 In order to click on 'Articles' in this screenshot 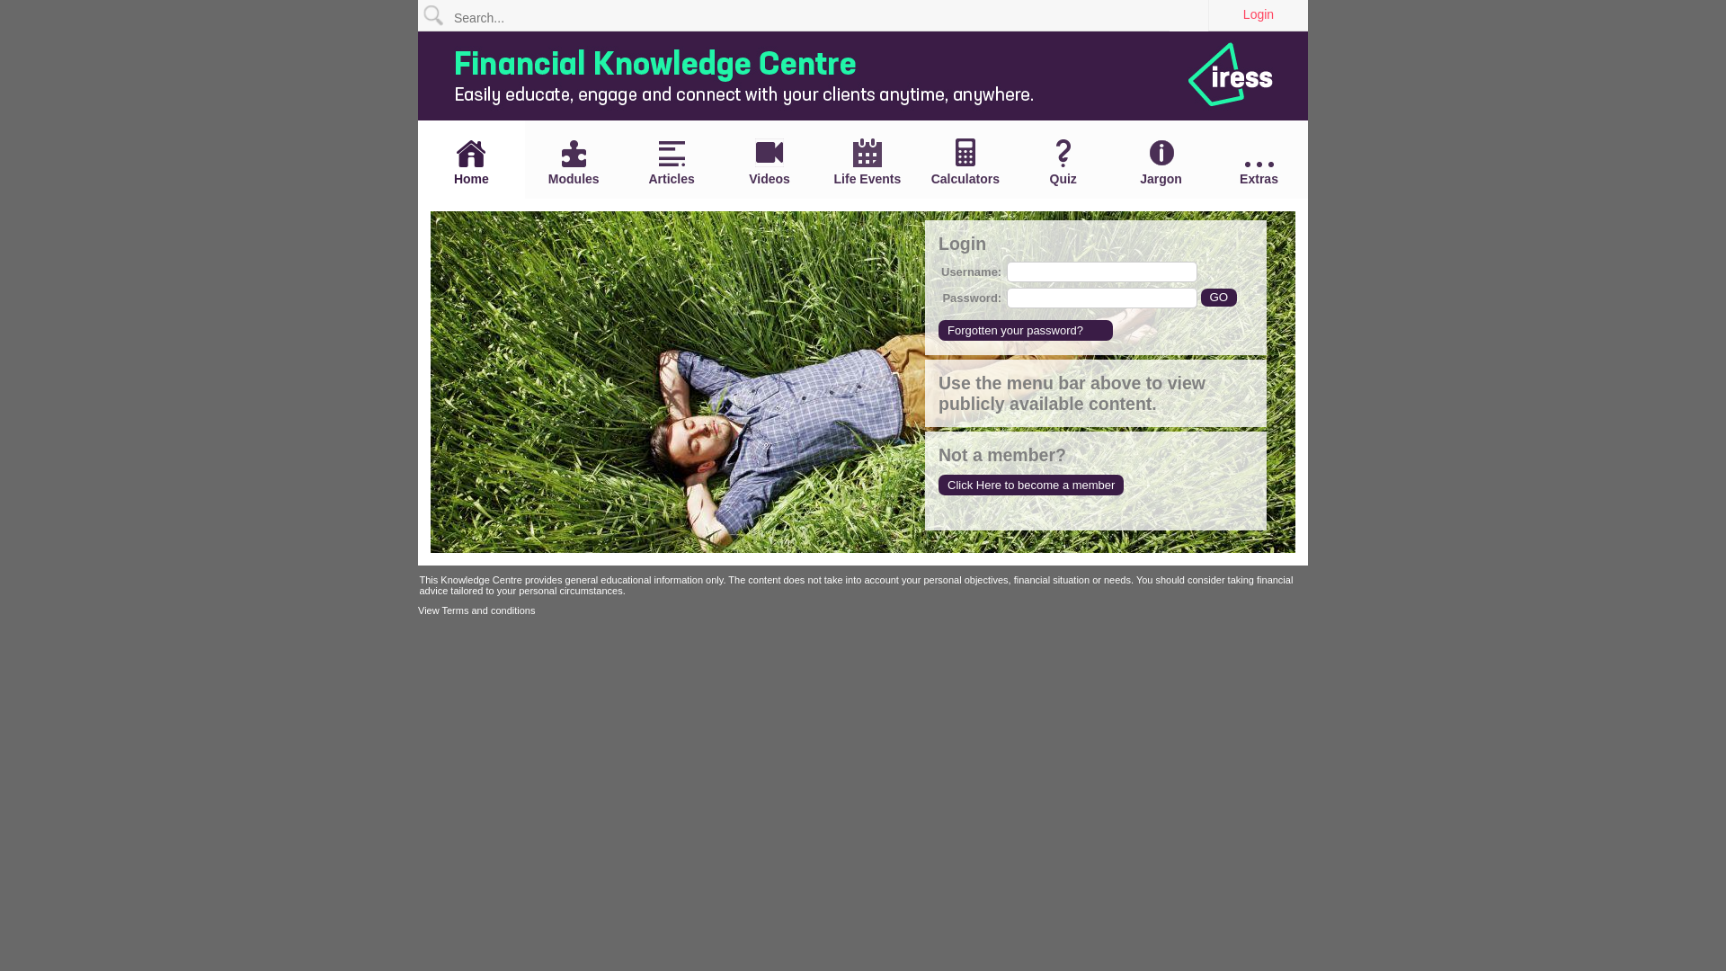, I will do `click(622, 163)`.